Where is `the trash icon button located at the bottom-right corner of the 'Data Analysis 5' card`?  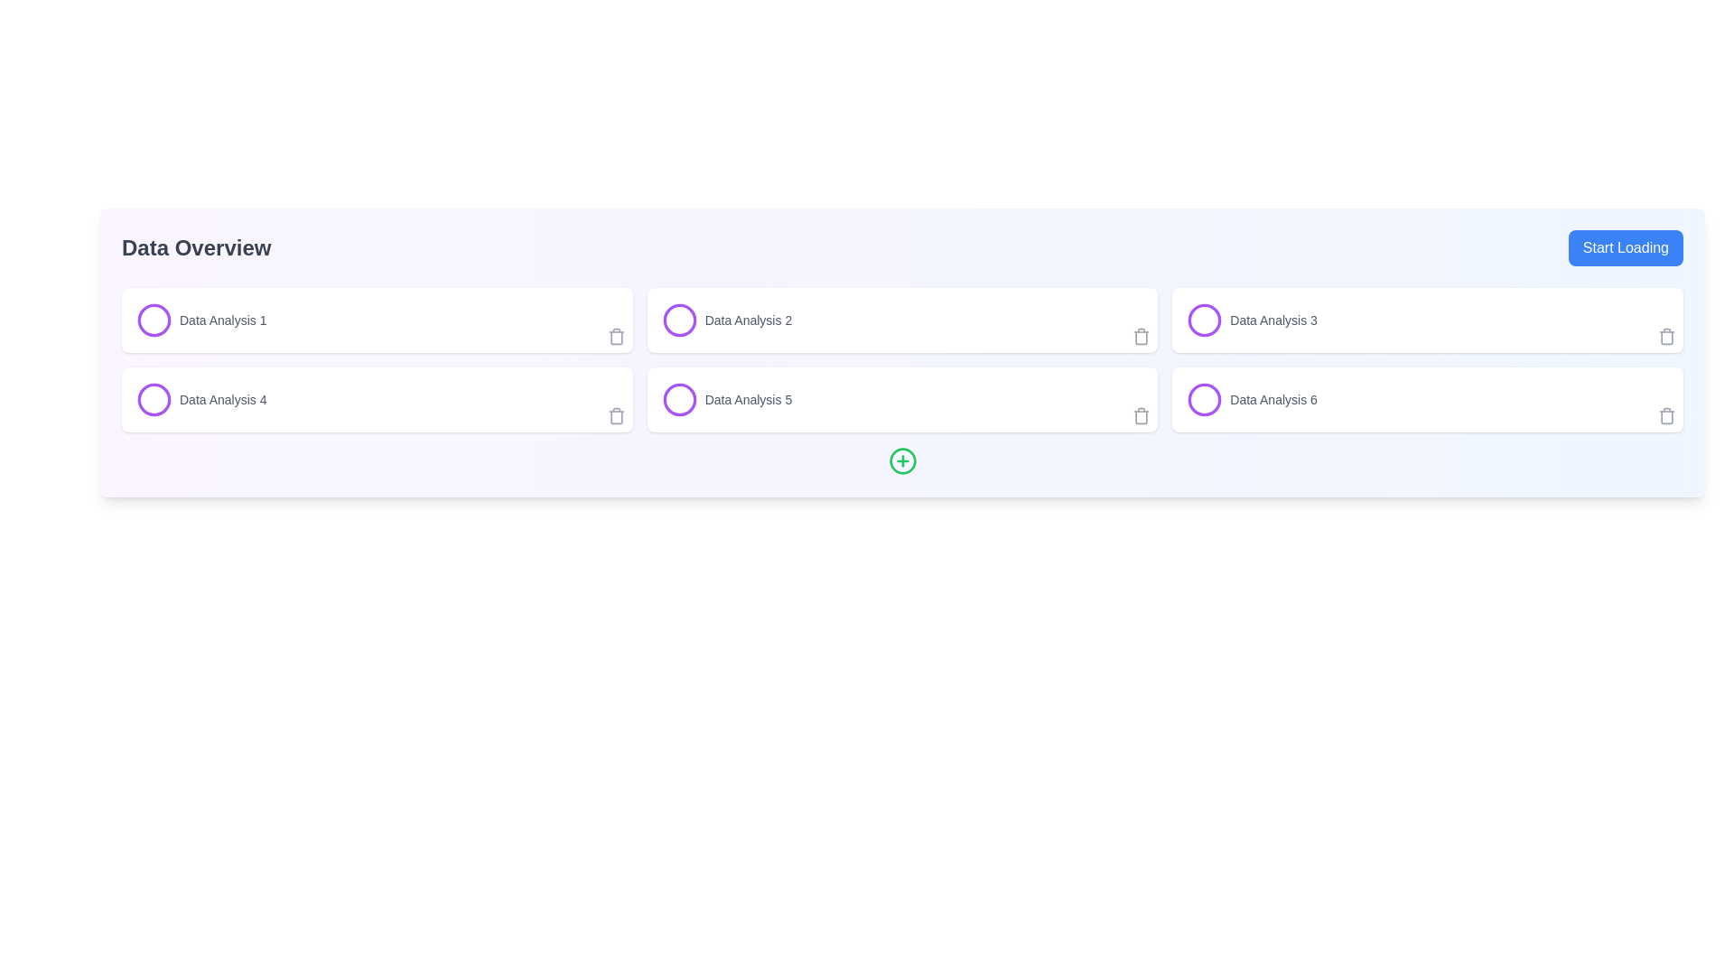 the trash icon button located at the bottom-right corner of the 'Data Analysis 5' card is located at coordinates (1141, 416).